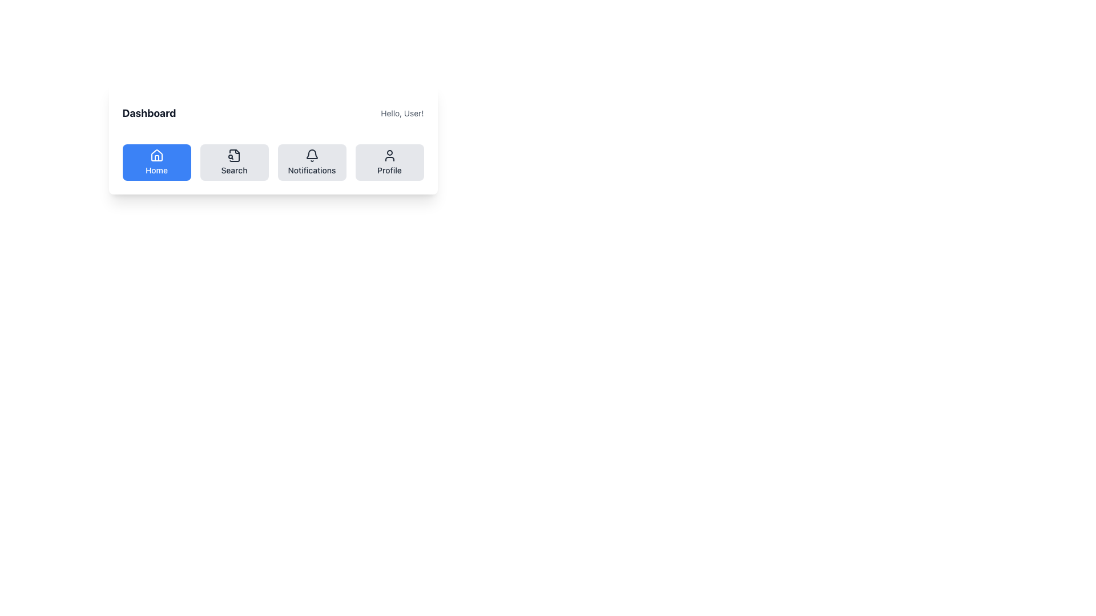 The image size is (1096, 616). What do you see at coordinates (312, 171) in the screenshot?
I see `the 'Notifications' text label, which is a small-sized text in dark gray color located below a bell icon in the third button of the horizontal navigation bar` at bounding box center [312, 171].